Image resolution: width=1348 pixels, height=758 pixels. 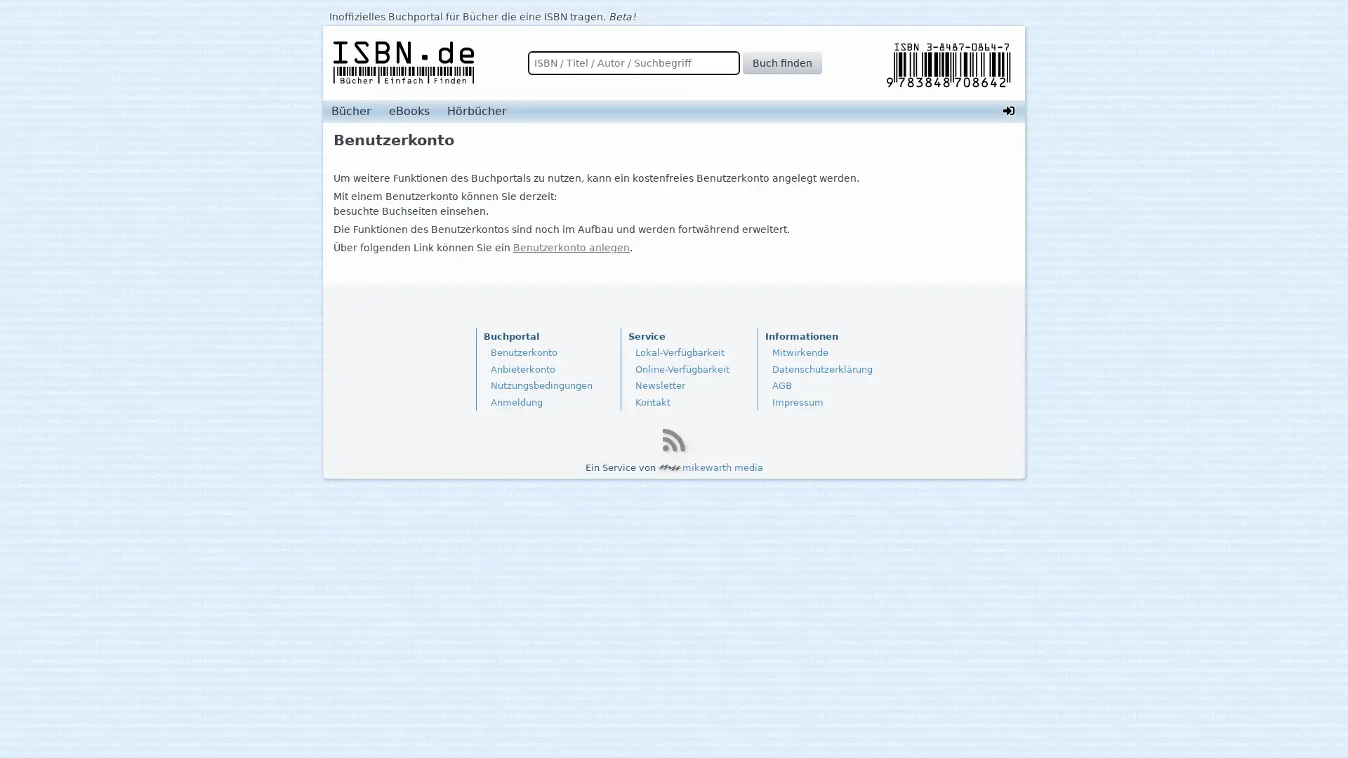 I want to click on Buch finden, so click(x=781, y=62).